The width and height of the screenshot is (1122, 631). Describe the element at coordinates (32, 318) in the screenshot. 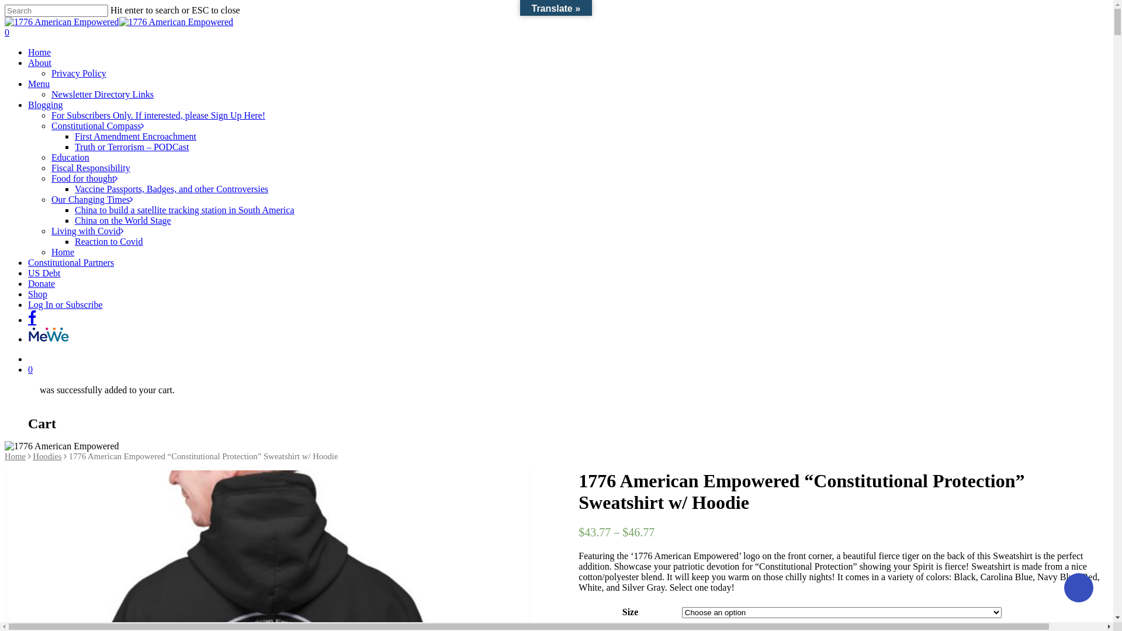

I see `'facebook'` at that location.